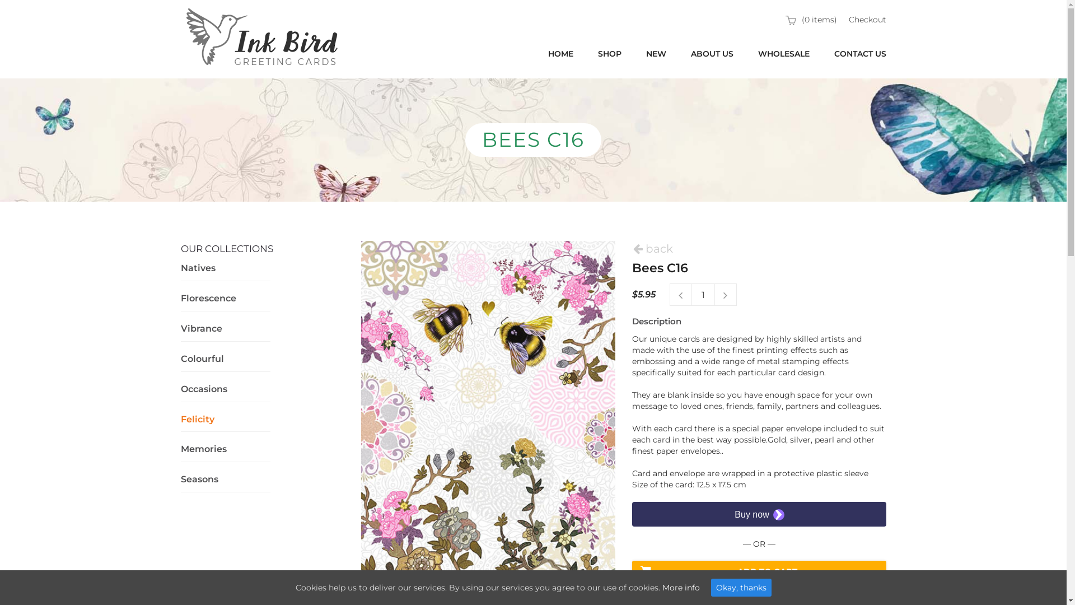  What do you see at coordinates (488, 422) in the screenshot?
I see `'Bees-C16'` at bounding box center [488, 422].